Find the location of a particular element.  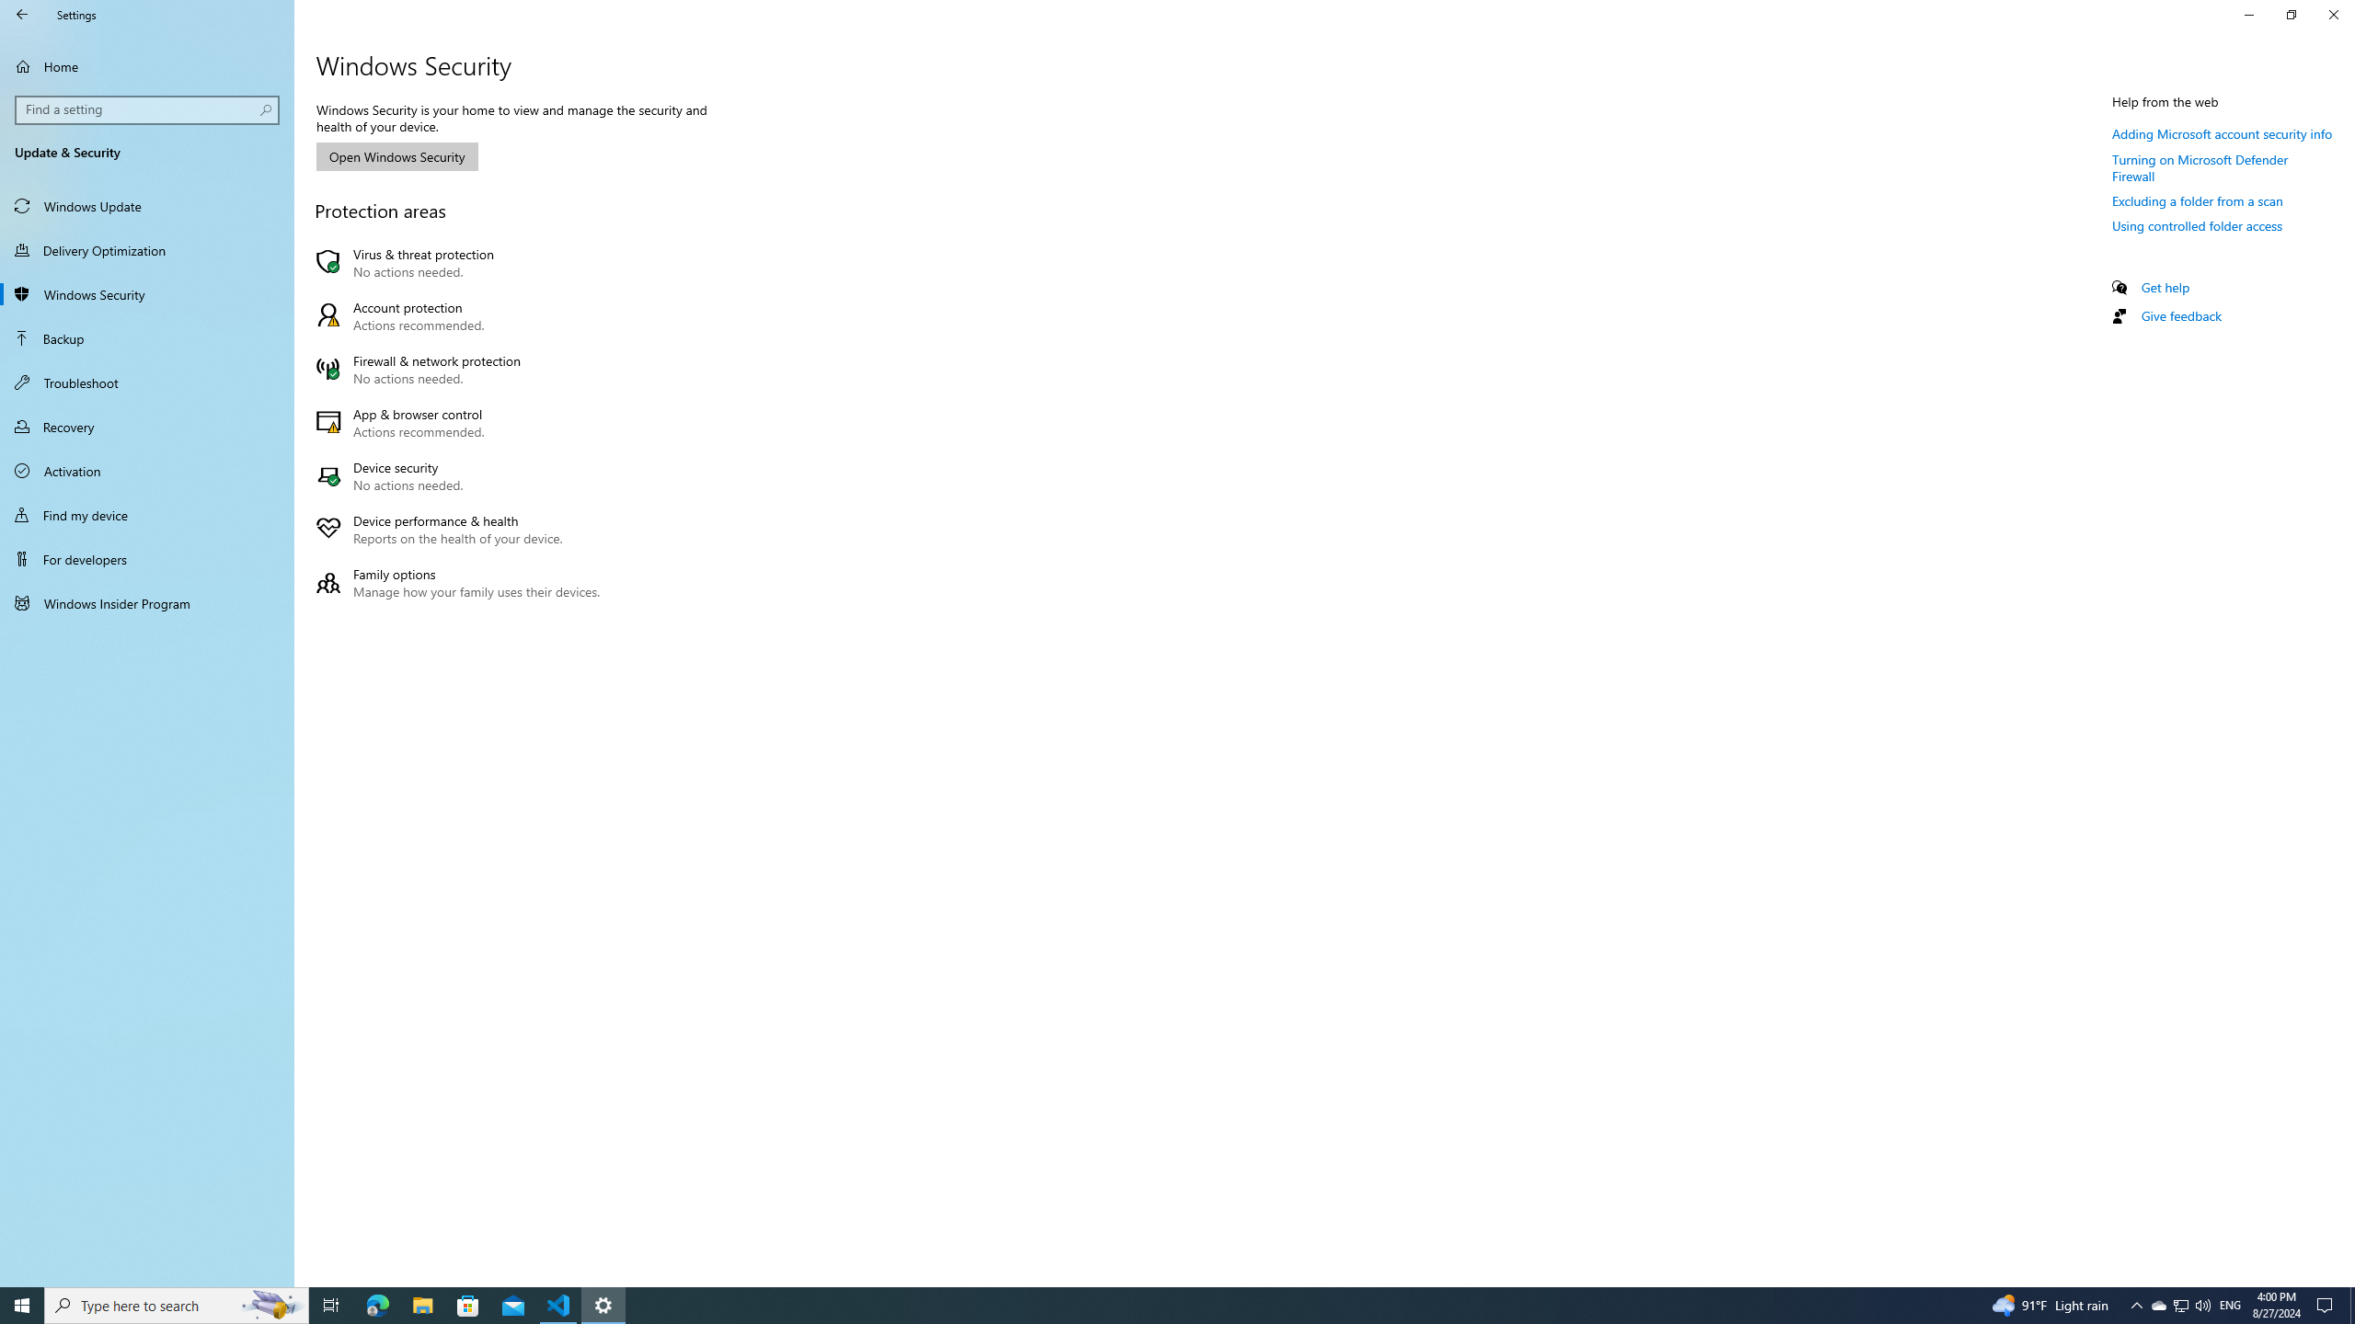

'App & browser control Actions recommended.' is located at coordinates (462, 422).